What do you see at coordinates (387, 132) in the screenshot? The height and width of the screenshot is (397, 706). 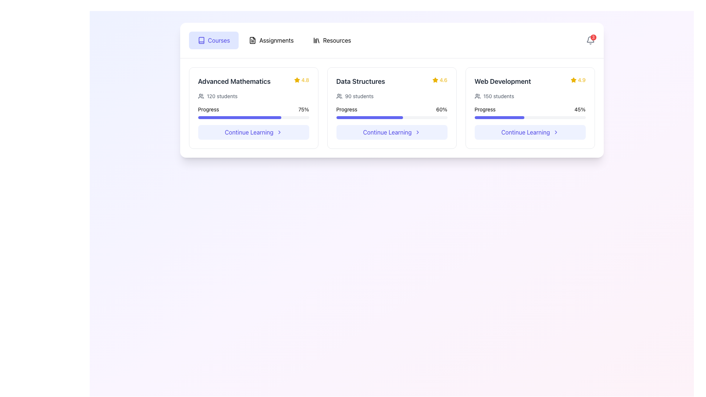 I see `the actionable text label within the second card titled 'Data Structures'` at bounding box center [387, 132].